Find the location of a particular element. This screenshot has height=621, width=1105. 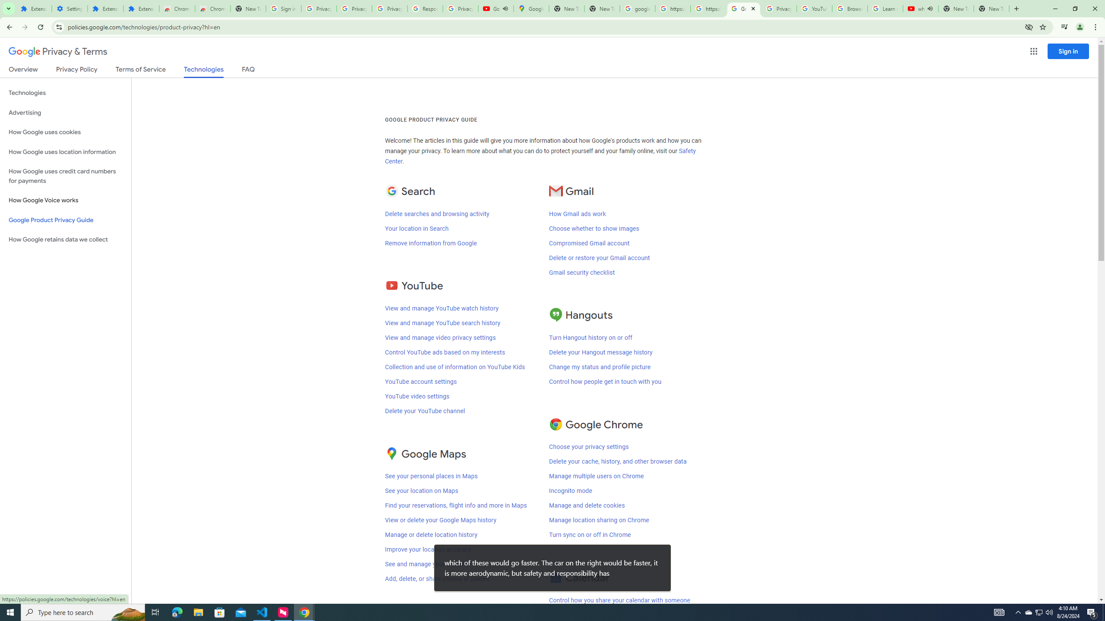

'Safety Center' is located at coordinates (540, 157).